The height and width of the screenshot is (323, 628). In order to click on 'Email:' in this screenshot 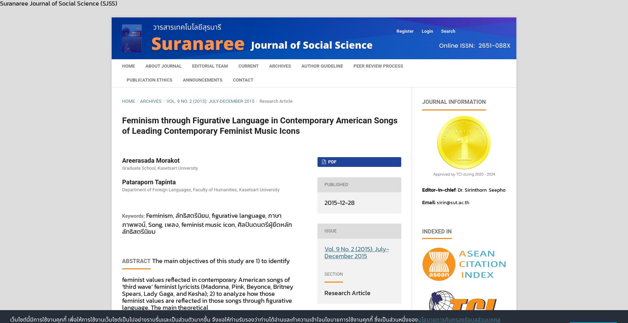, I will do `click(428, 202)`.